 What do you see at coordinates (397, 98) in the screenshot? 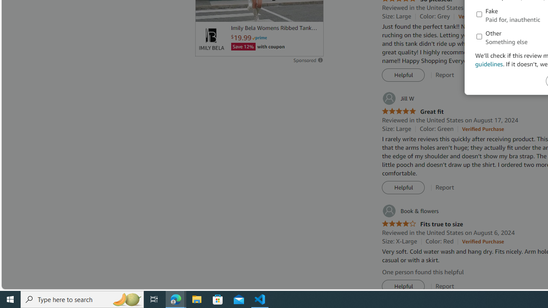
I see `'Jill W'` at bounding box center [397, 98].